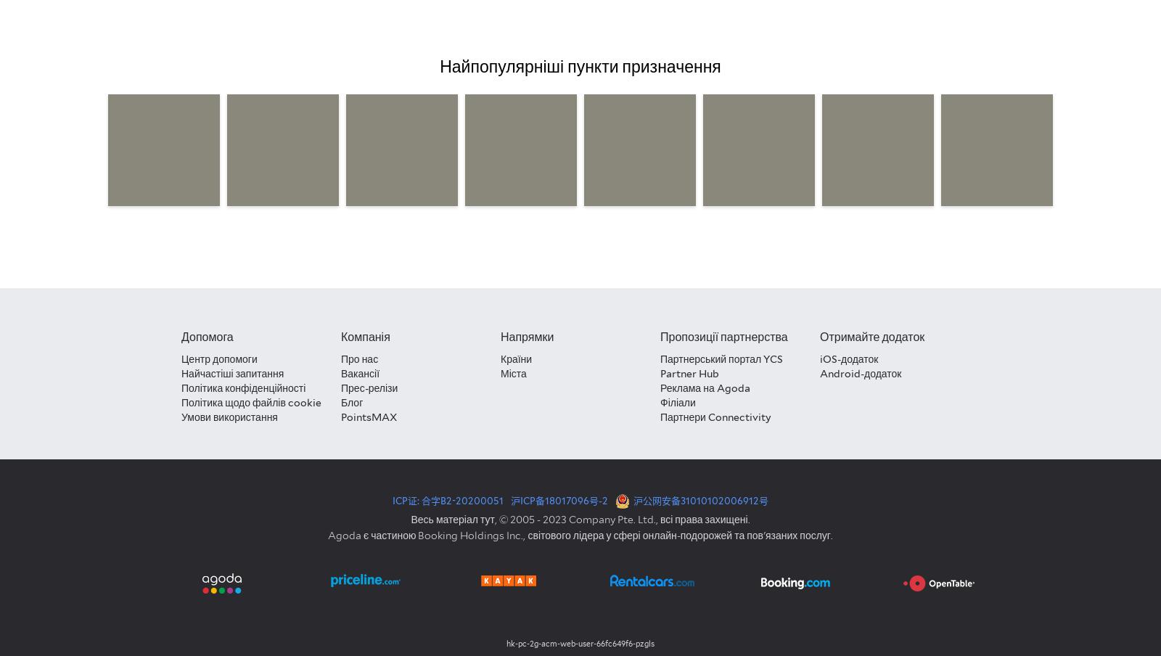 This screenshot has height=656, width=1161. I want to click on 'Agoda є частиною Booking Holdings Inc., світового лідера у сфері онлайн-подорожей та пов'язаних послуг.', so click(580, 535).